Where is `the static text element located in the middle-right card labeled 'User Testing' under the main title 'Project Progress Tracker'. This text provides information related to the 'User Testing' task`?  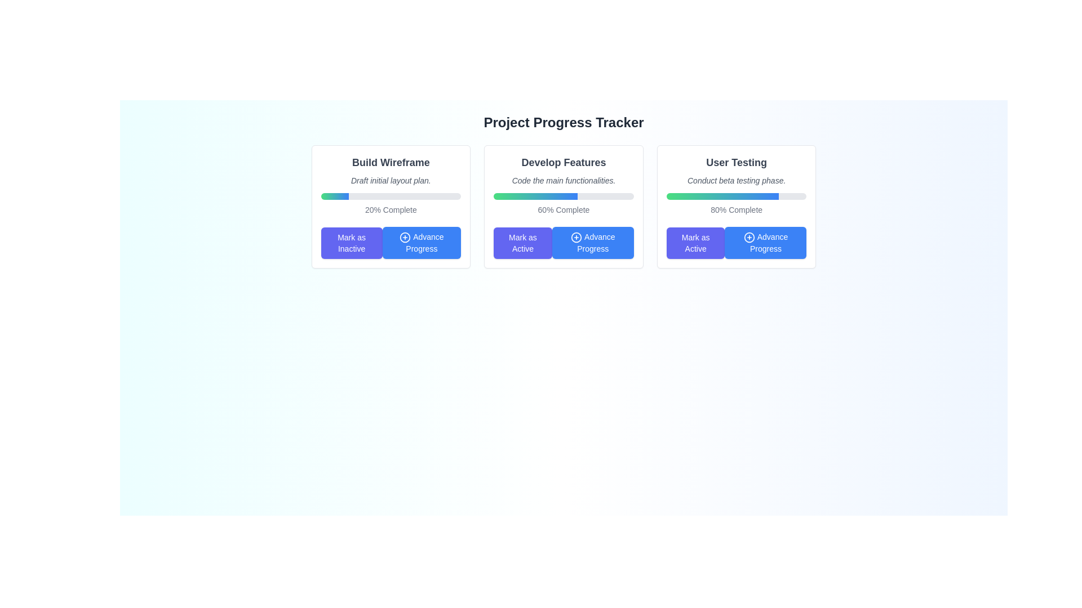 the static text element located in the middle-right card labeled 'User Testing' under the main title 'Project Progress Tracker'. This text provides information related to the 'User Testing' task is located at coordinates (737, 180).